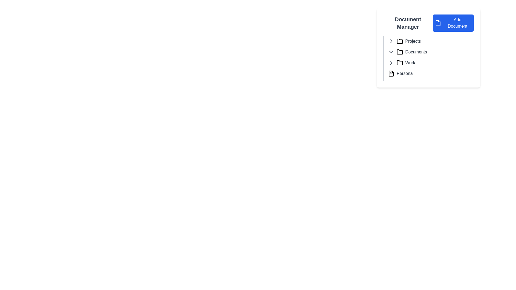 This screenshot has width=516, height=290. What do you see at coordinates (391, 41) in the screenshot?
I see `the Chevron Right icon` at bounding box center [391, 41].